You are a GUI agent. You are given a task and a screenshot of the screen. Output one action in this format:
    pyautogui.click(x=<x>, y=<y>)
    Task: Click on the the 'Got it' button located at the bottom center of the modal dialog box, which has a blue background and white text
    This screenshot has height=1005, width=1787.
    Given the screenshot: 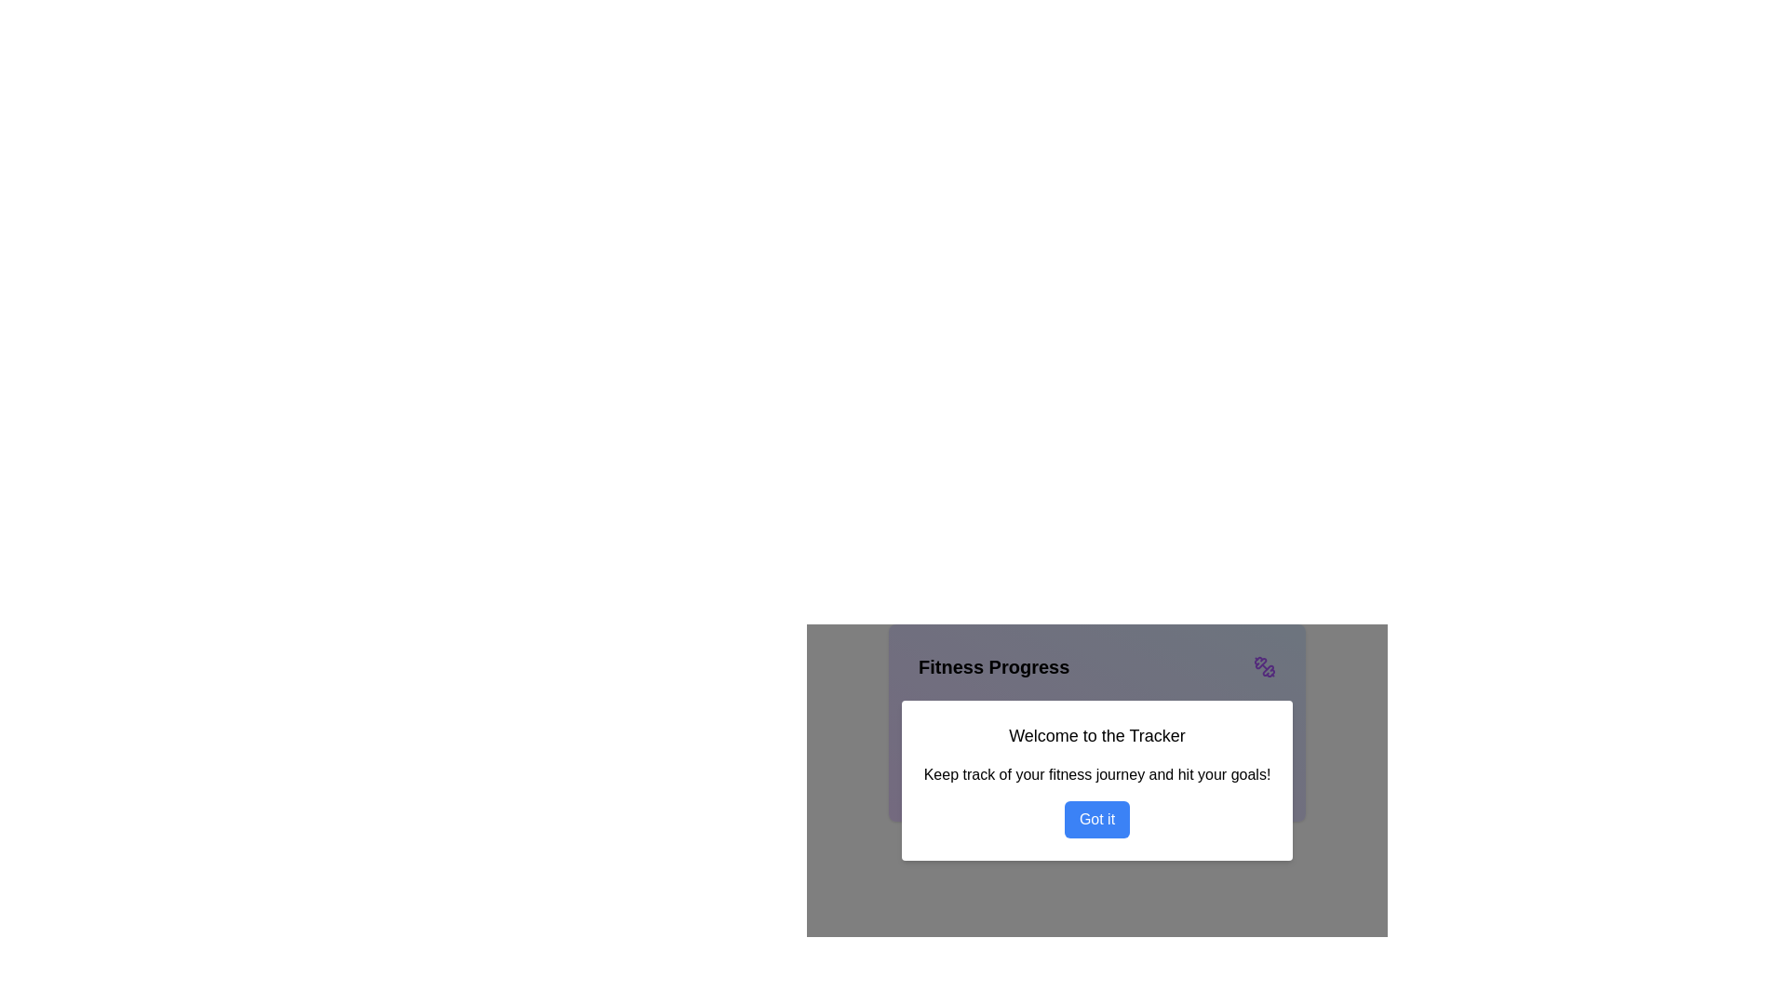 What is the action you would take?
    pyautogui.click(x=1095, y=818)
    